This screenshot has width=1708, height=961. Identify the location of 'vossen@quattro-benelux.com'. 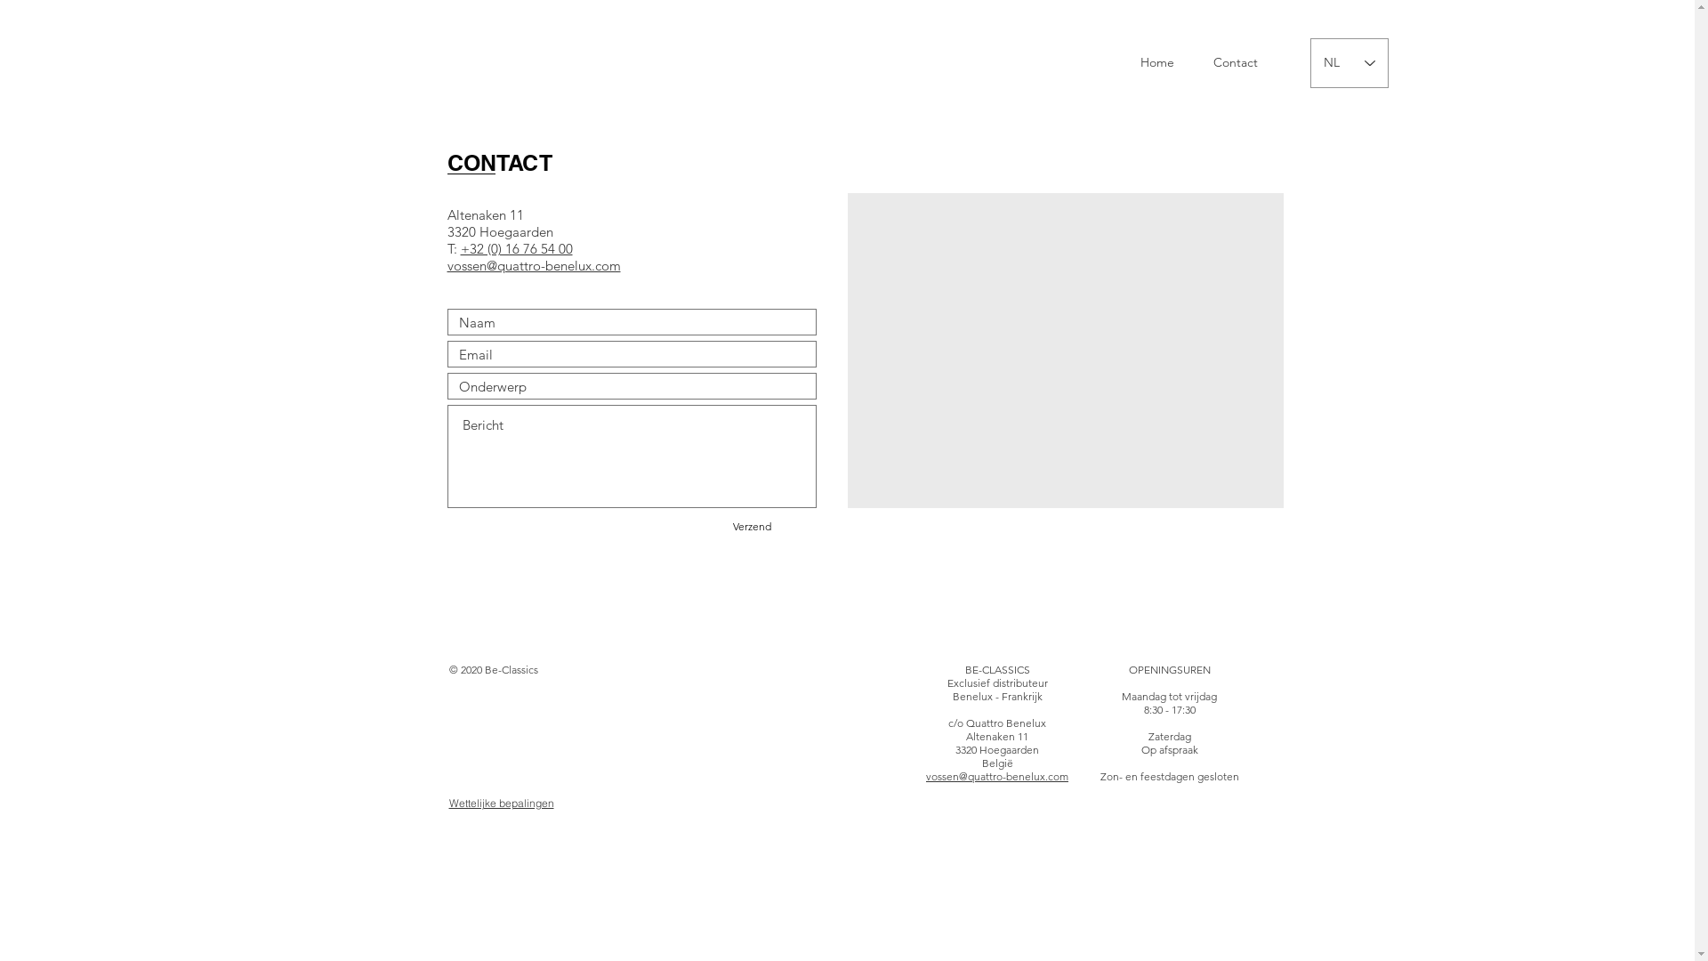
(997, 775).